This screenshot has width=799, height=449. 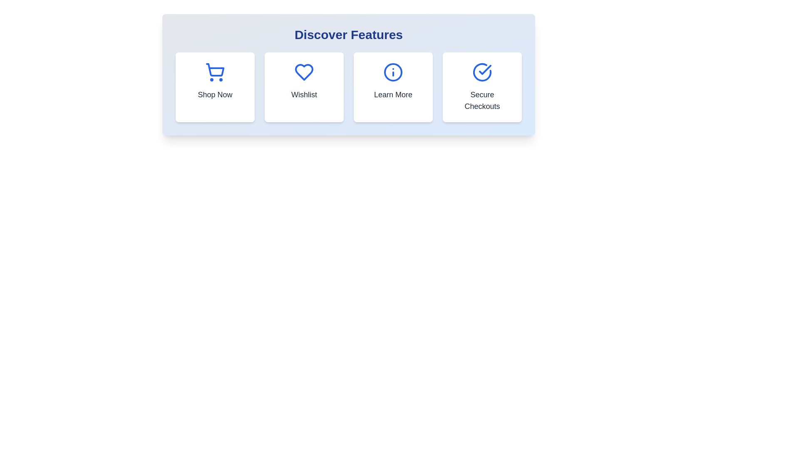 I want to click on the heart icon with blue strokes in the 'Wishlist' card, which is the second card in the row of feature cards under 'Discover Features', so click(x=303, y=72).